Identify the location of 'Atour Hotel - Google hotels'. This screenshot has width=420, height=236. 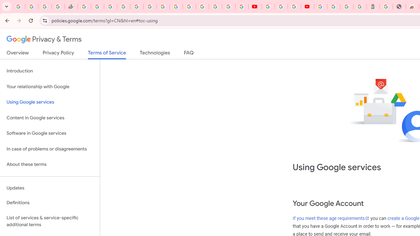
(373, 7).